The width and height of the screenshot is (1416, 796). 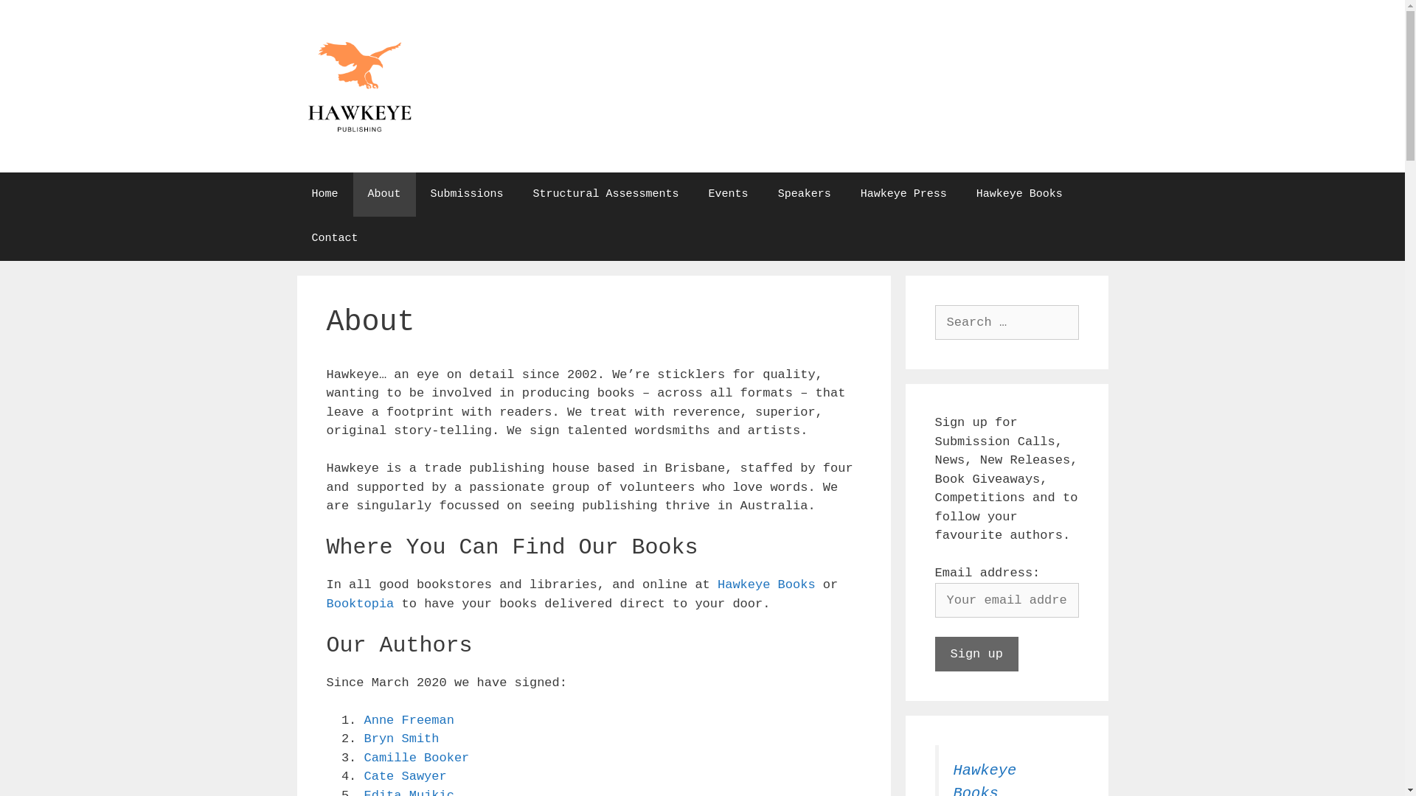 What do you see at coordinates (934, 653) in the screenshot?
I see `'Sign up'` at bounding box center [934, 653].